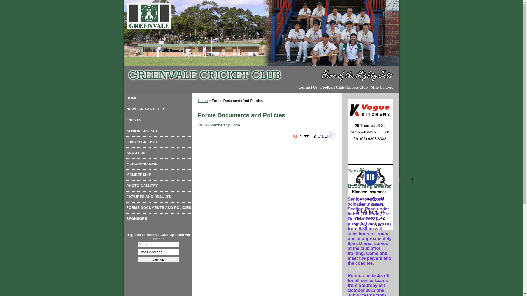 The width and height of the screenshot is (527, 296). I want to click on 'EVENTS', so click(159, 121).